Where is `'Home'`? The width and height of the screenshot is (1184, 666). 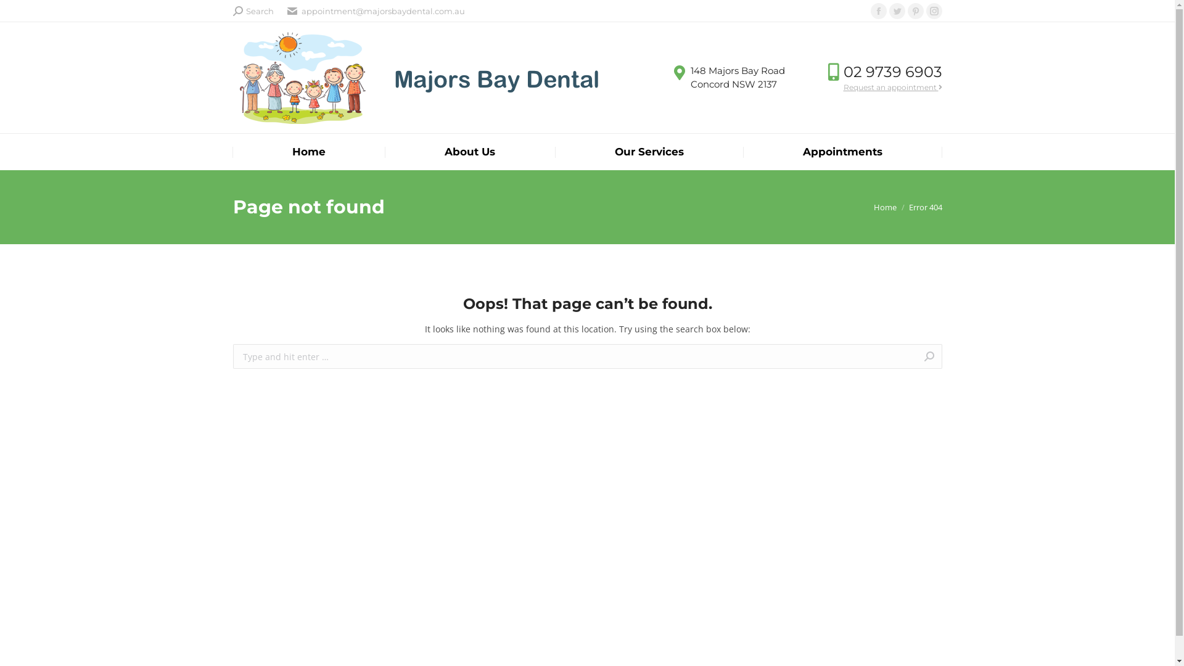
'Home' is located at coordinates (308, 151).